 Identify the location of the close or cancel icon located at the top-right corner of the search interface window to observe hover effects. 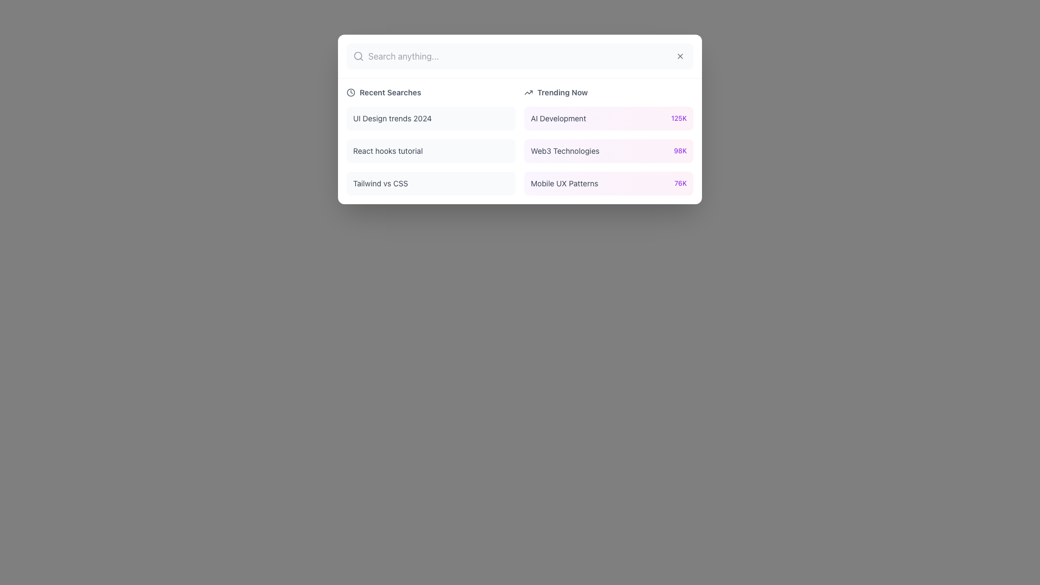
(680, 56).